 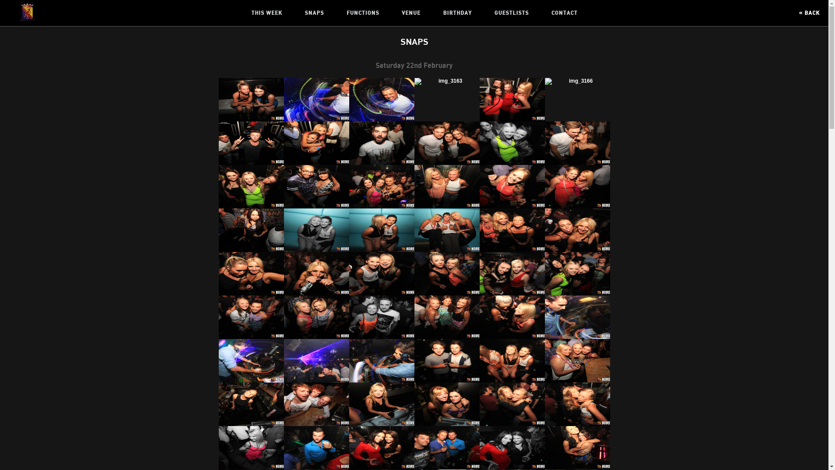 What do you see at coordinates (381, 273) in the screenshot?
I see `' '` at bounding box center [381, 273].